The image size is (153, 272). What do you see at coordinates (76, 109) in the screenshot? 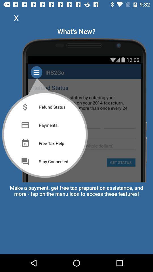
I see `app above the make a payment app` at bounding box center [76, 109].